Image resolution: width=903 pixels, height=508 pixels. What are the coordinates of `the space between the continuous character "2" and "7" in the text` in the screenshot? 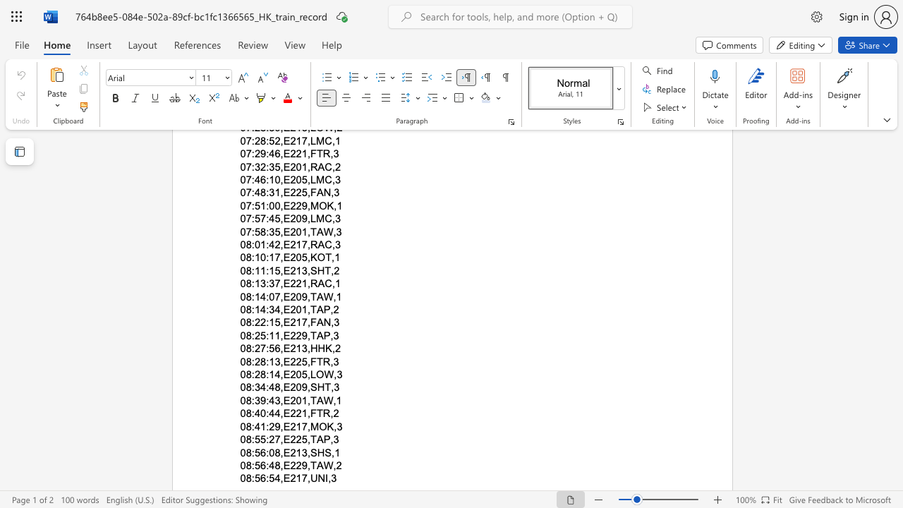 It's located at (260, 349).